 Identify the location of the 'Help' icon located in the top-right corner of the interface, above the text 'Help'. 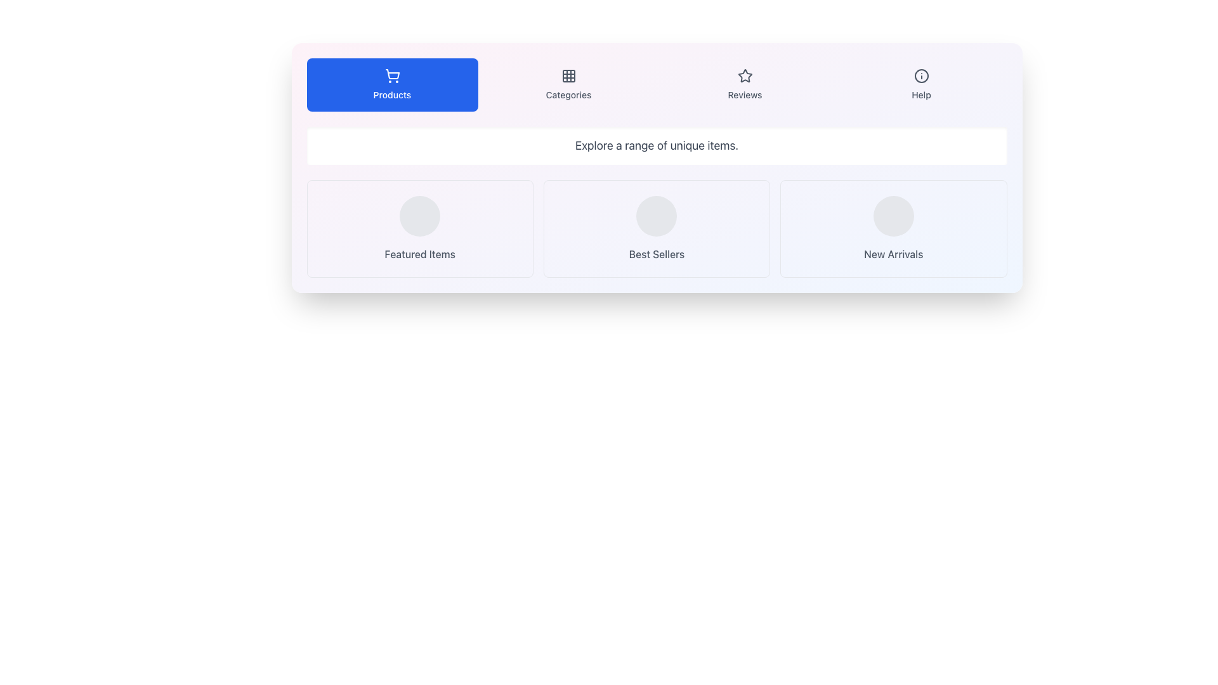
(921, 75).